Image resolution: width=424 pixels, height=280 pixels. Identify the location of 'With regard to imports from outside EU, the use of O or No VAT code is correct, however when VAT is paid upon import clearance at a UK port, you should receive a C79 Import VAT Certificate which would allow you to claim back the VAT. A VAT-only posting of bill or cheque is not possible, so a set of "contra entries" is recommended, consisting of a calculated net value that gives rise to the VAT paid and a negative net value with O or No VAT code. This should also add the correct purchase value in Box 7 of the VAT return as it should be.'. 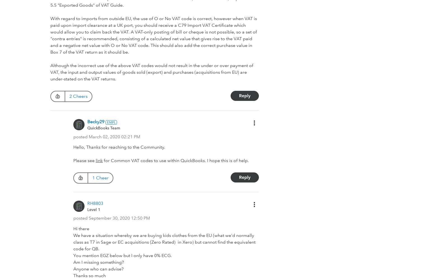
(153, 35).